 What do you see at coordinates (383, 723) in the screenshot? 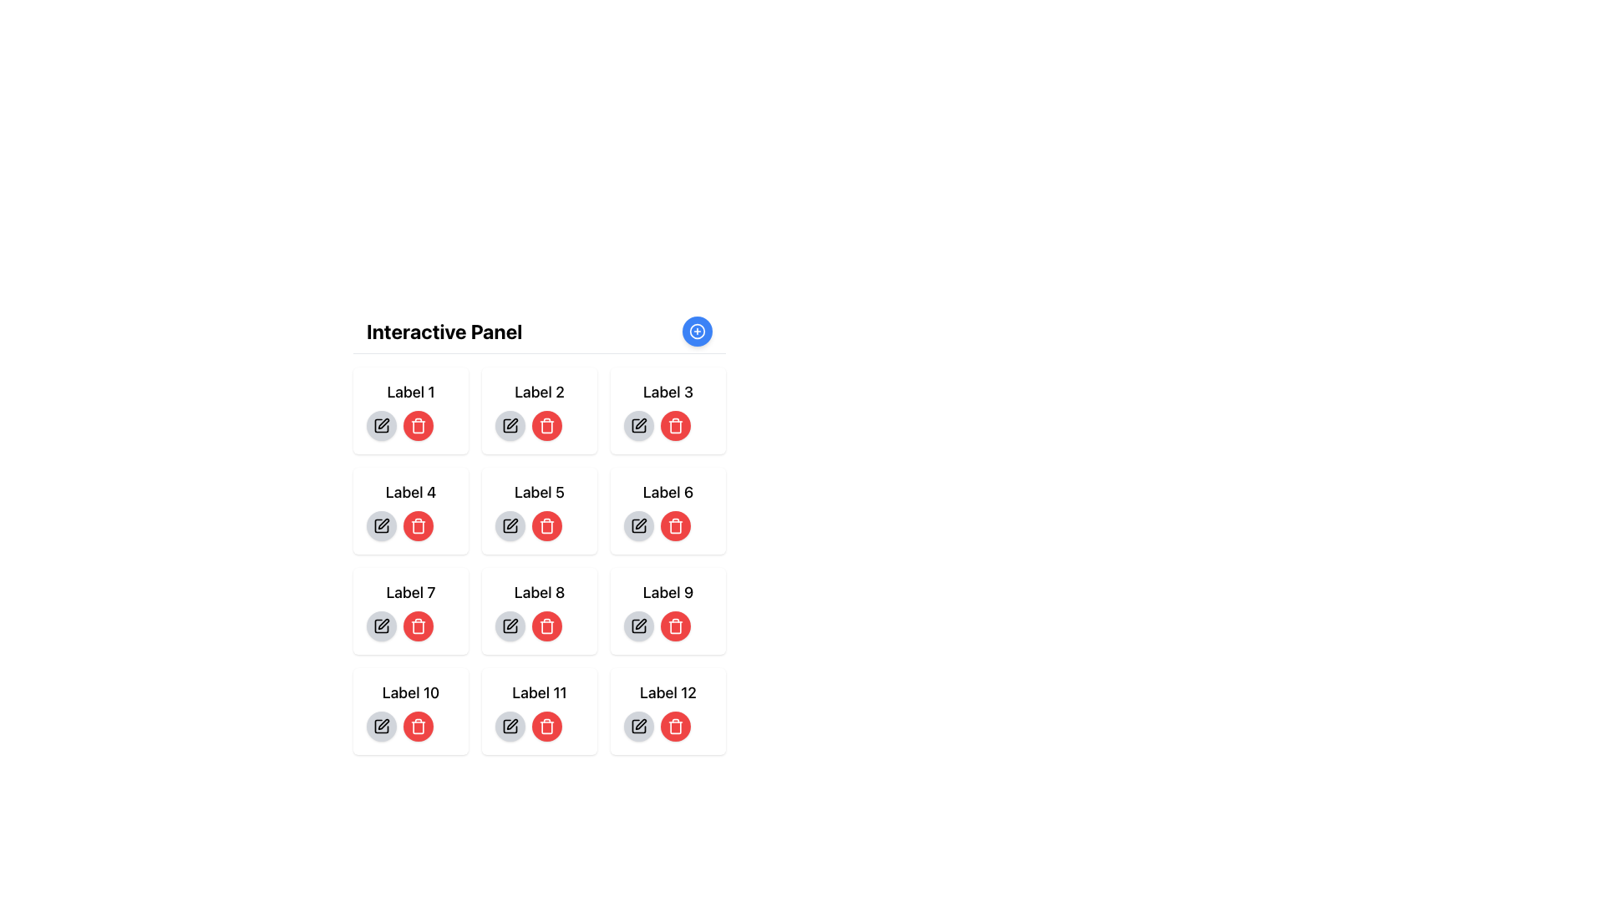
I see `the vector graphic icon resembling the outline of a pen, which is part of the icon set labeled 'Label 10' located in the bottom-left cell of the grid` at bounding box center [383, 723].